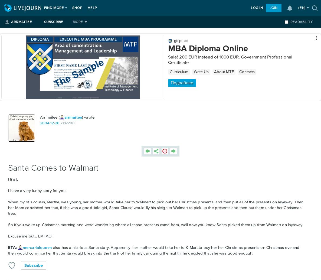 This screenshot has height=280, width=321. I want to click on 'Readability', so click(290, 22).